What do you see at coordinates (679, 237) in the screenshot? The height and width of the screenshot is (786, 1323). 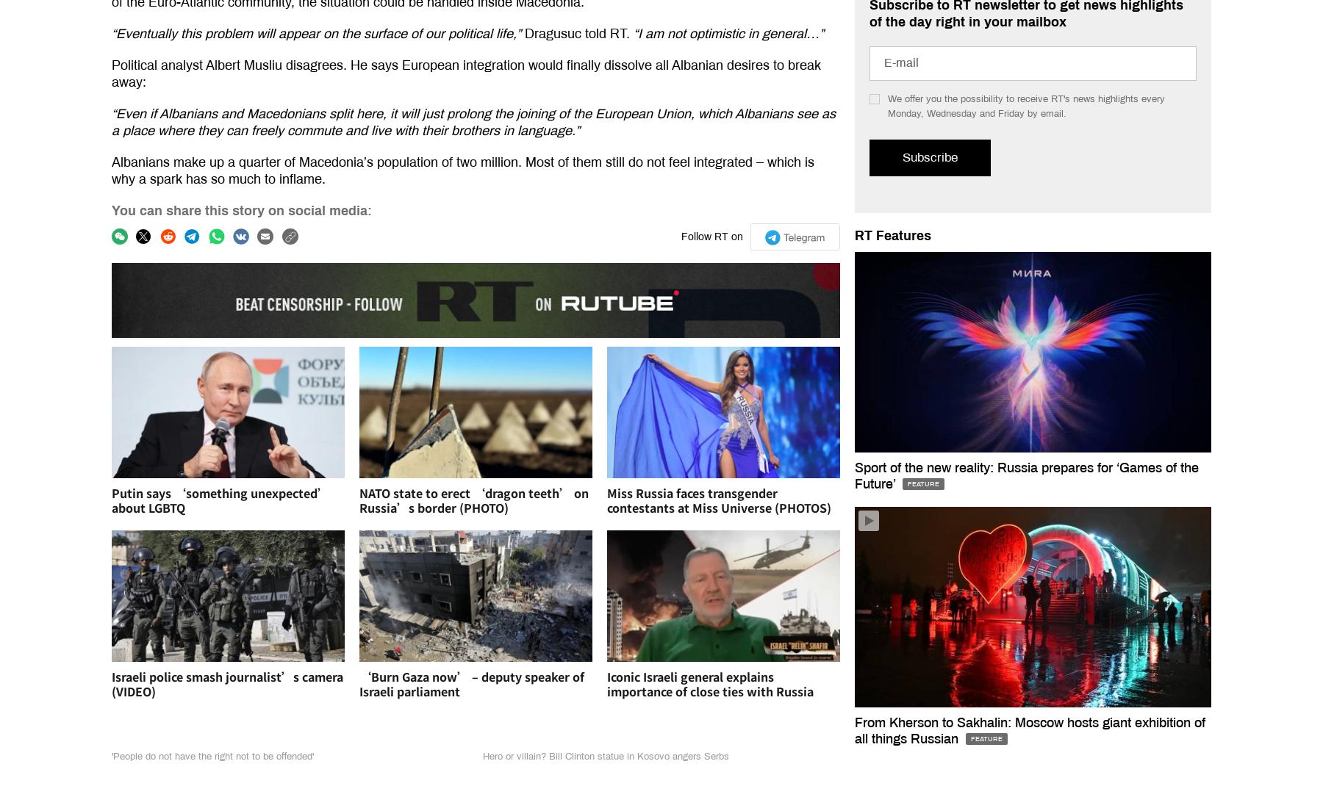 I see `'Follow RT on'` at bounding box center [679, 237].